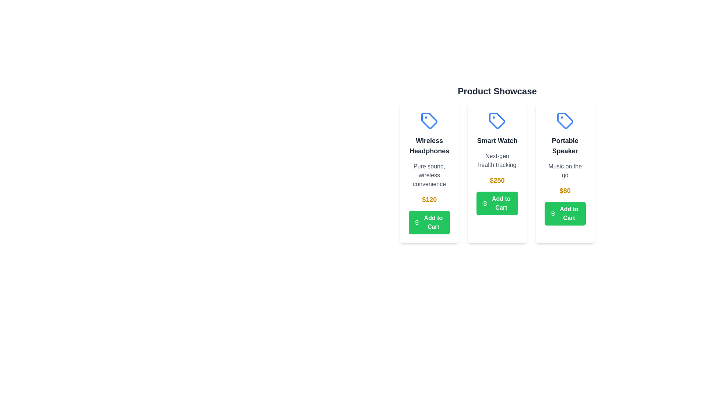 The height and width of the screenshot is (398, 707). Describe the element at coordinates (564, 173) in the screenshot. I see `the product card for Portable Speaker` at that location.